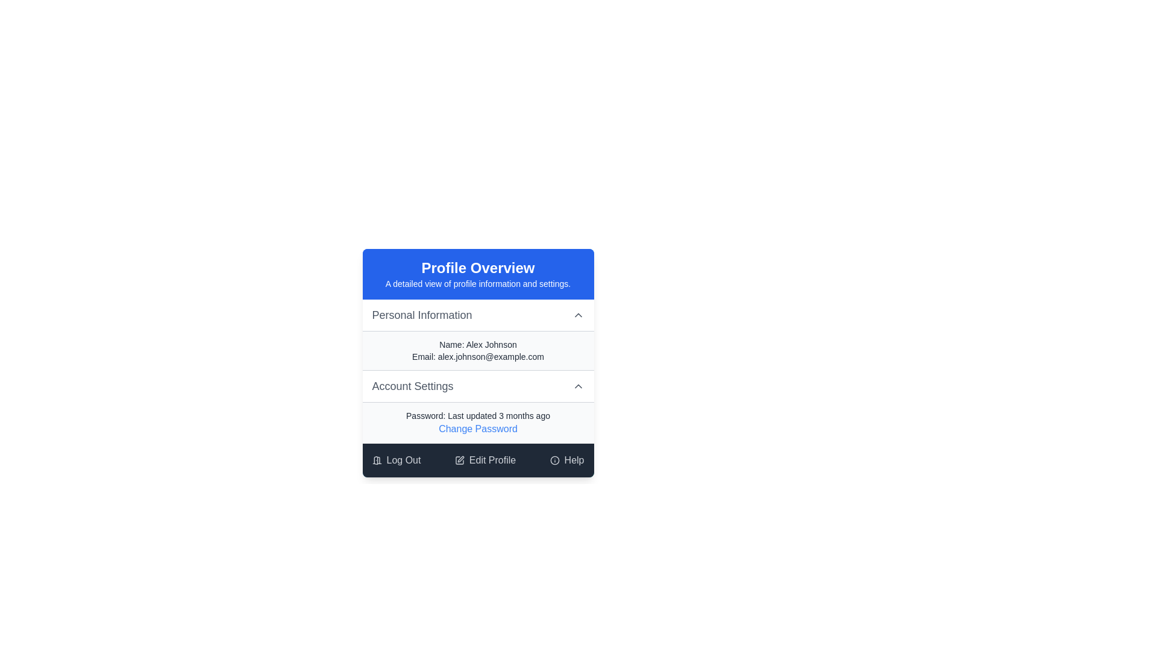  What do you see at coordinates (375, 461) in the screenshot?
I see `the vector graphic element located centrally inside the 'Log Out' button` at bounding box center [375, 461].